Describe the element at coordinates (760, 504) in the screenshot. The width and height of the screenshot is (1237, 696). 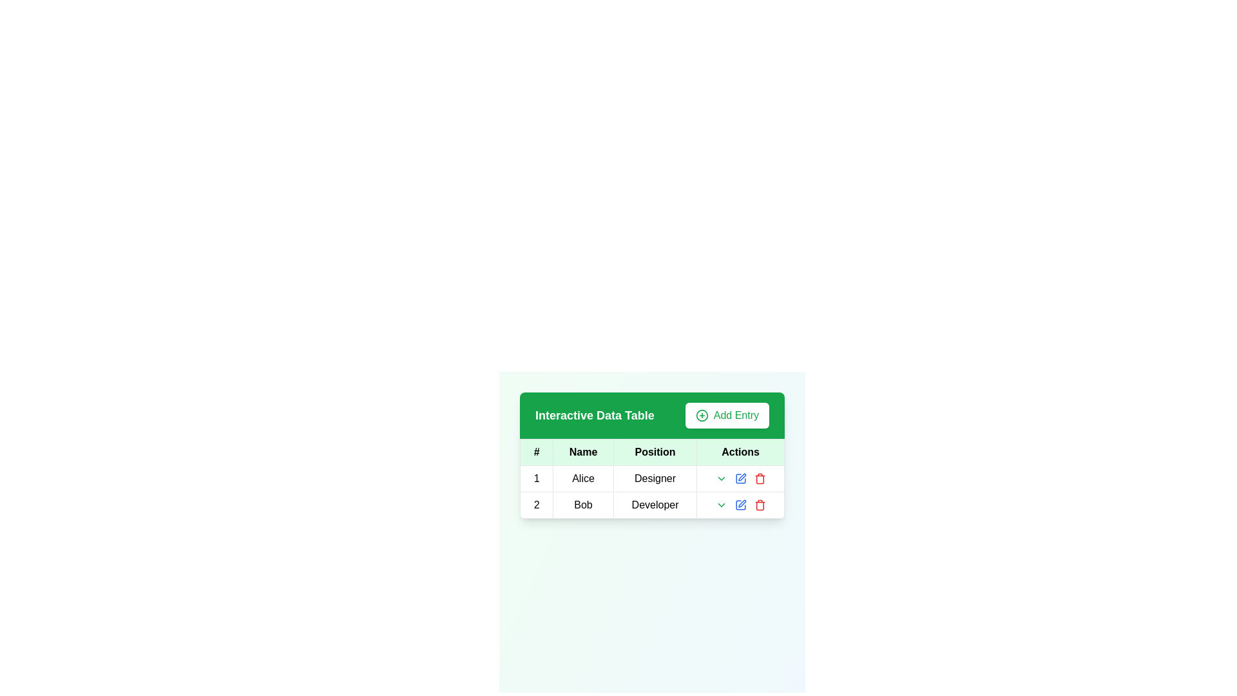
I see `the red trash can icon button in the Actions column of the second row` at that location.